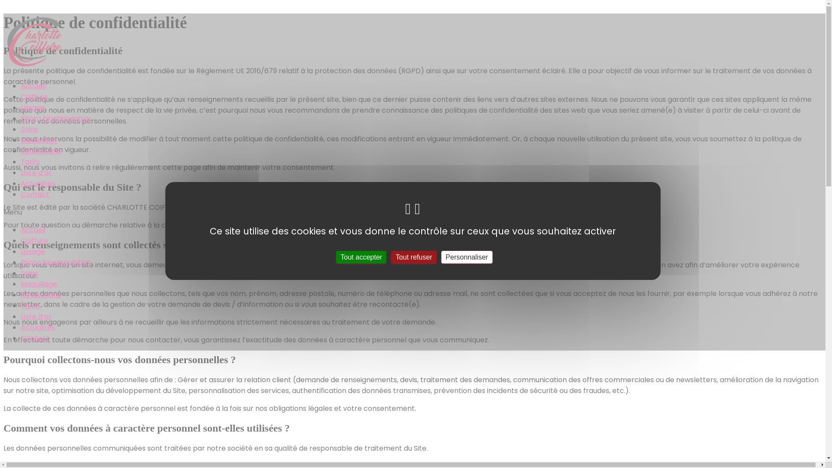  What do you see at coordinates (33, 107) in the screenshot?
I see `'Lissage'` at bounding box center [33, 107].